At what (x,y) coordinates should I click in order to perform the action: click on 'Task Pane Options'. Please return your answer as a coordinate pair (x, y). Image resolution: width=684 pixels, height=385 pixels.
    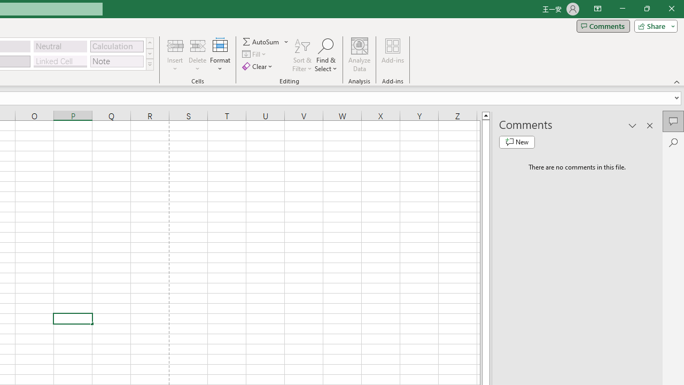
    Looking at the image, I should click on (633, 125).